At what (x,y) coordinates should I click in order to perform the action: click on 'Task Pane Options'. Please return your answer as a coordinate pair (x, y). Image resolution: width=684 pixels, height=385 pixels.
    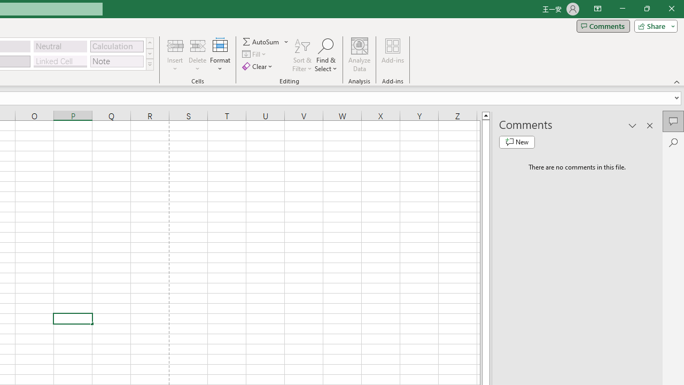
    Looking at the image, I should click on (633, 125).